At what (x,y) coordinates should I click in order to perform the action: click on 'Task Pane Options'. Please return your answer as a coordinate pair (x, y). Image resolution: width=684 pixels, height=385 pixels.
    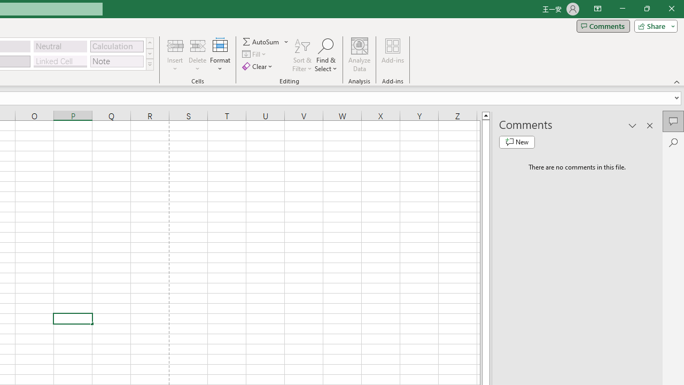
    Looking at the image, I should click on (633, 125).